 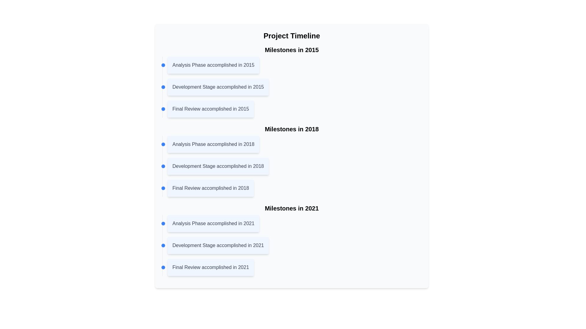 I want to click on the text label indicating the completion of the 'Analysis Phase' in 2018, which is the first entry in the 'Milestones in 2018' section of the timeline, so click(x=213, y=144).